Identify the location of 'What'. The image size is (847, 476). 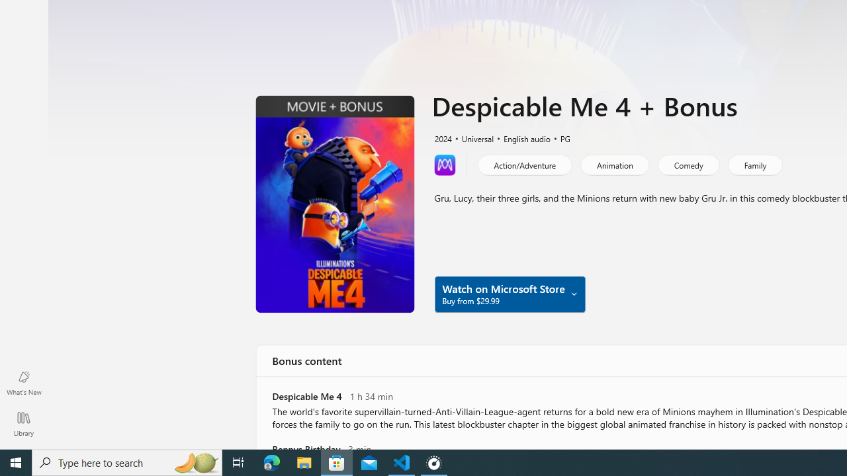
(23, 382).